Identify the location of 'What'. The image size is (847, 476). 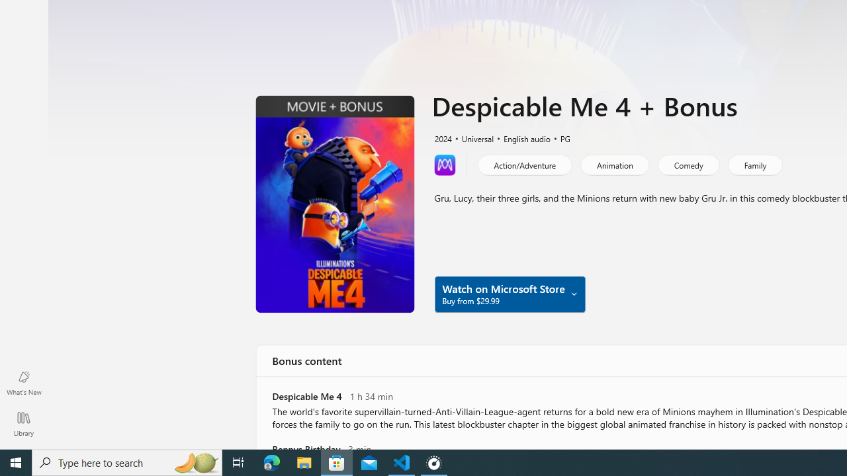
(23, 382).